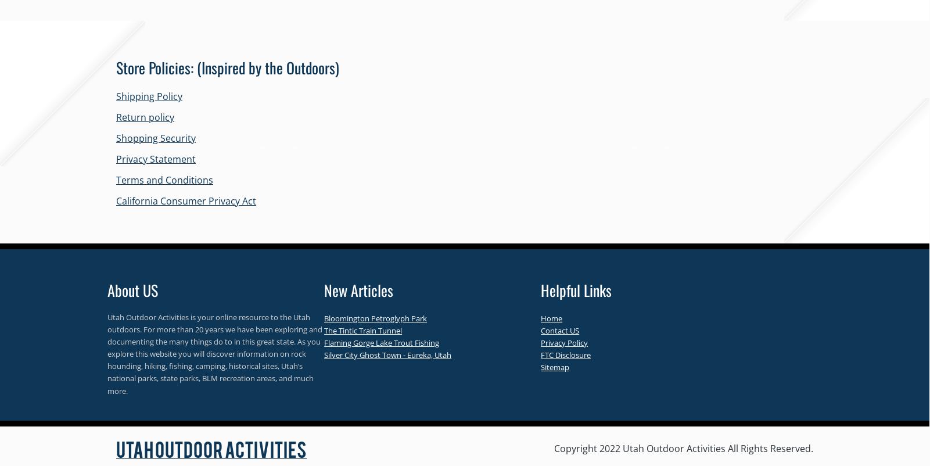  What do you see at coordinates (540, 317) in the screenshot?
I see `'Home'` at bounding box center [540, 317].